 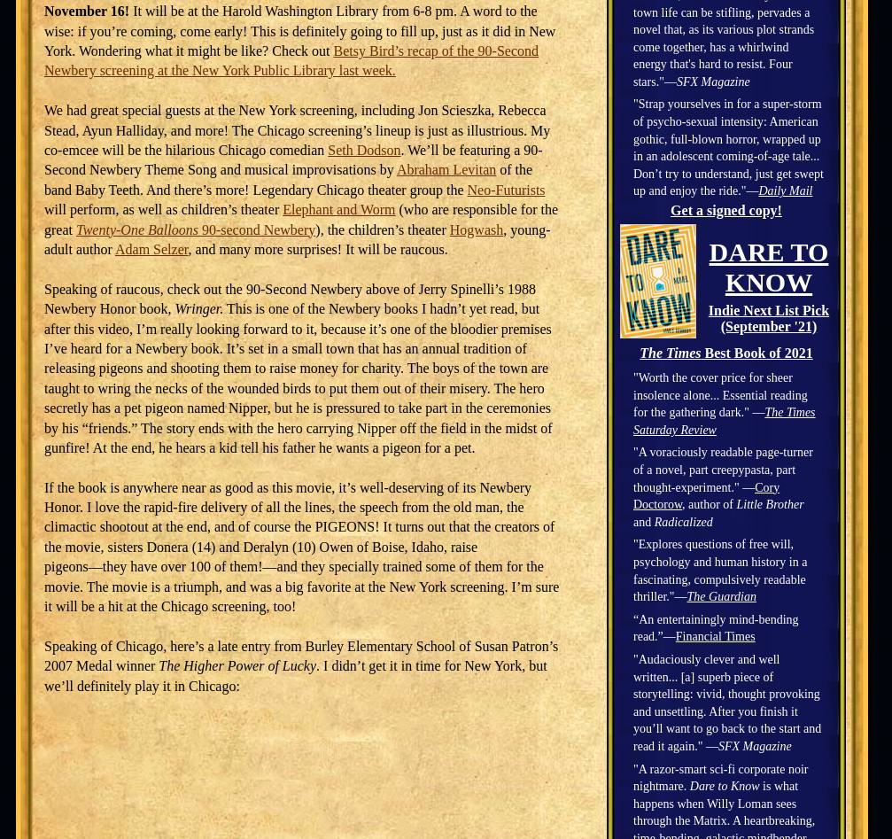 What do you see at coordinates (317, 248) in the screenshot?
I see `', and many more surprises! It will be raucous.'` at bounding box center [317, 248].